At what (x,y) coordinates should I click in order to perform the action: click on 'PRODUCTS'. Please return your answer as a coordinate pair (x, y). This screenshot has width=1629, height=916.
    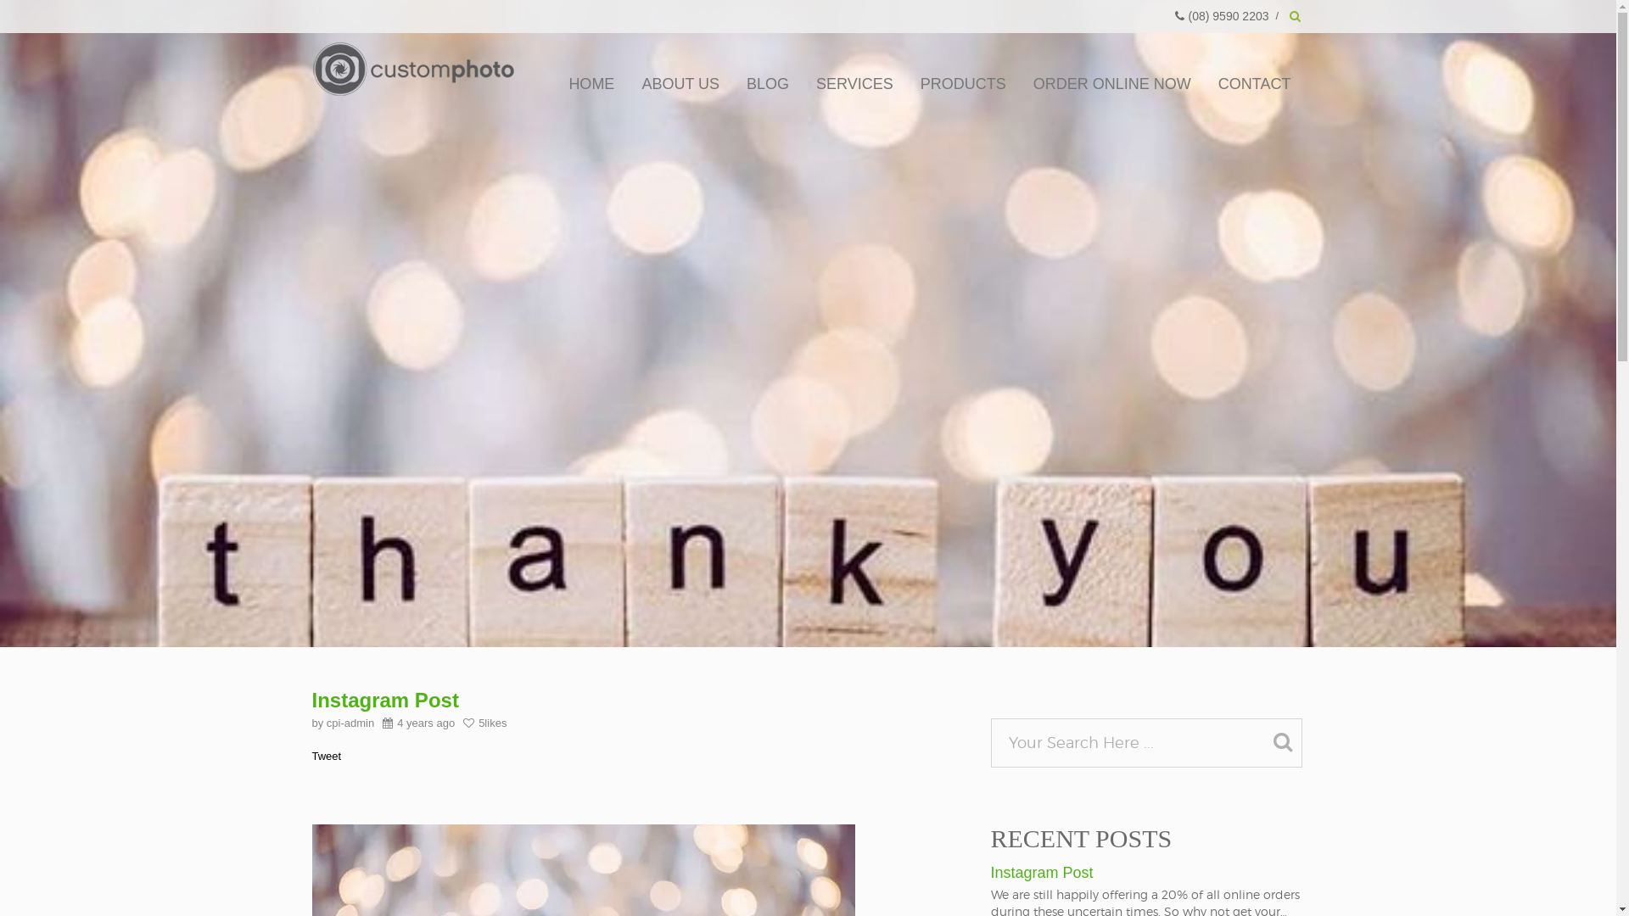
    Looking at the image, I should click on (963, 84).